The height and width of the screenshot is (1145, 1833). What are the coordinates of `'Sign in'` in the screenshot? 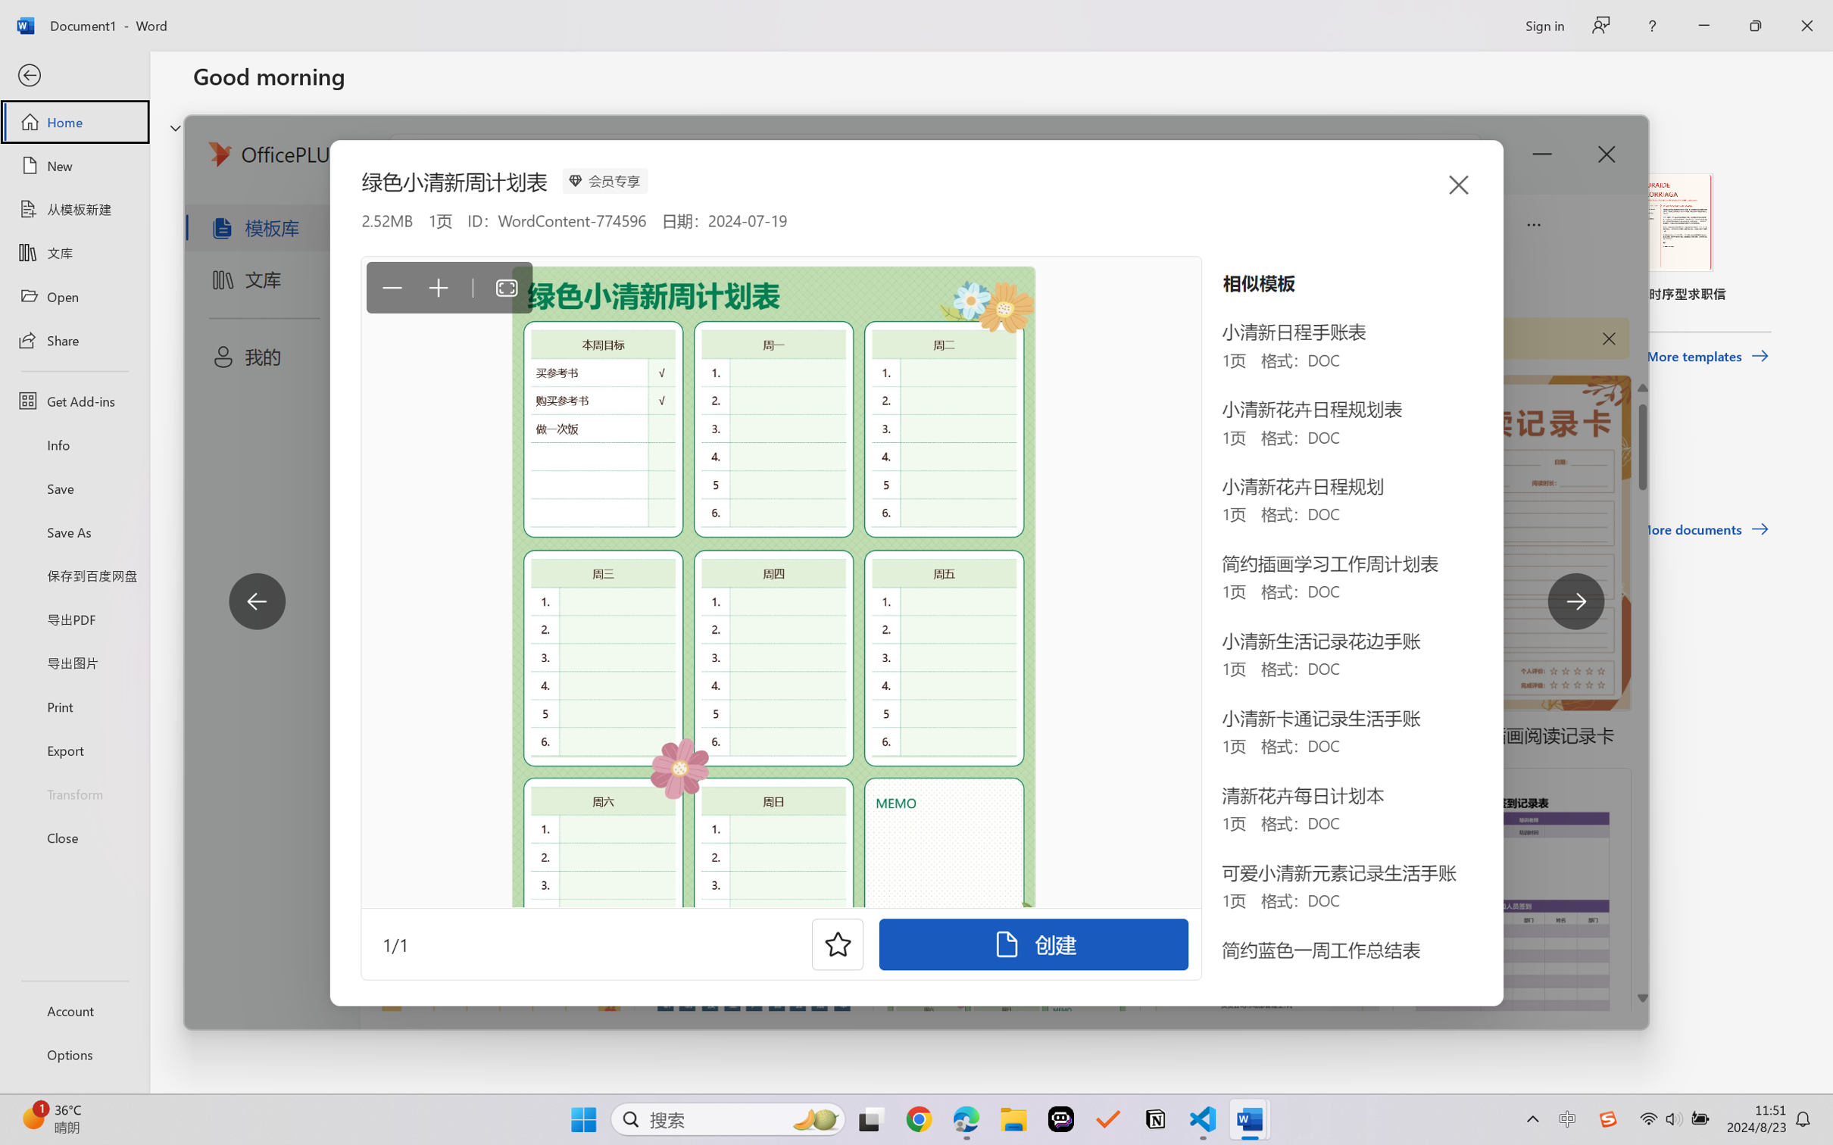 It's located at (1543, 25).